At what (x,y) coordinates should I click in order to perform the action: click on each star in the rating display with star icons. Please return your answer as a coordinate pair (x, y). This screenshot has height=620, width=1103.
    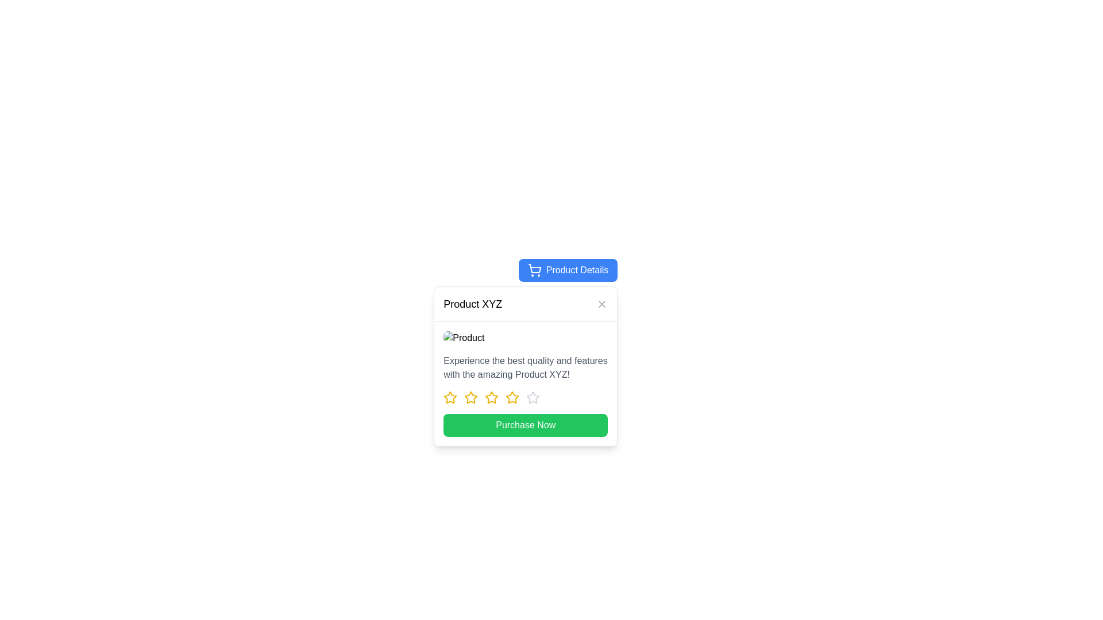
    Looking at the image, I should click on (525, 397).